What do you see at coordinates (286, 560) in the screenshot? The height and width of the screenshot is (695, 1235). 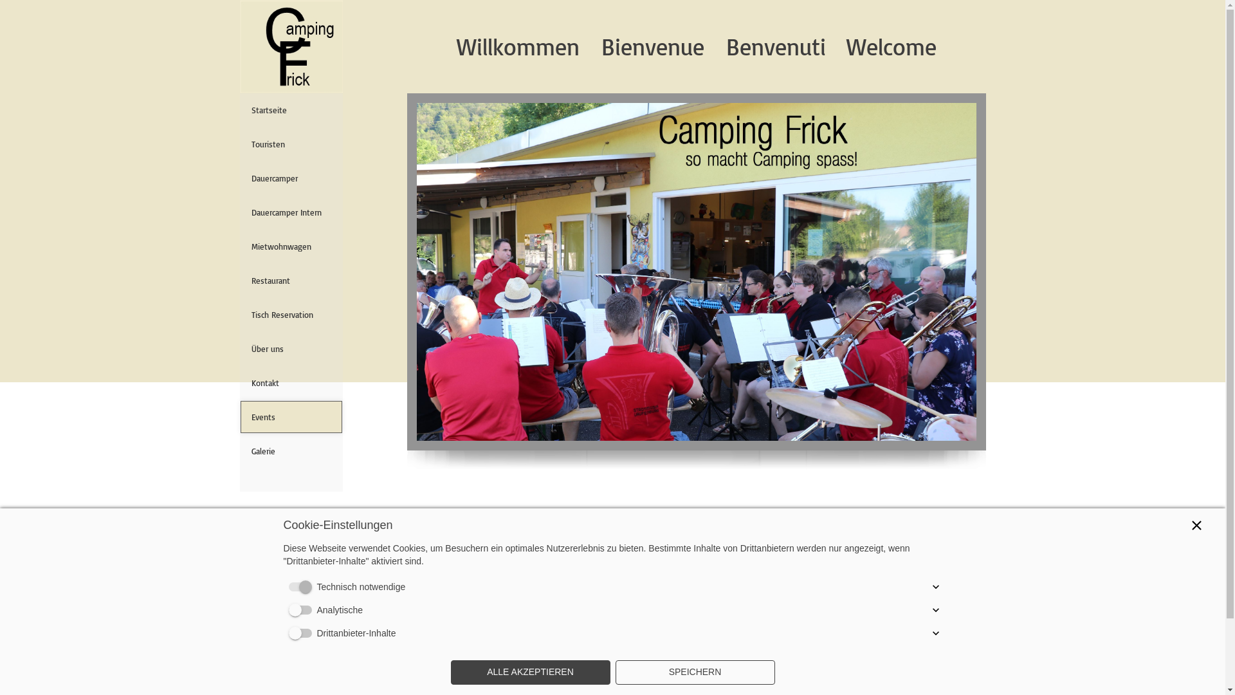 I see `'mehr'` at bounding box center [286, 560].